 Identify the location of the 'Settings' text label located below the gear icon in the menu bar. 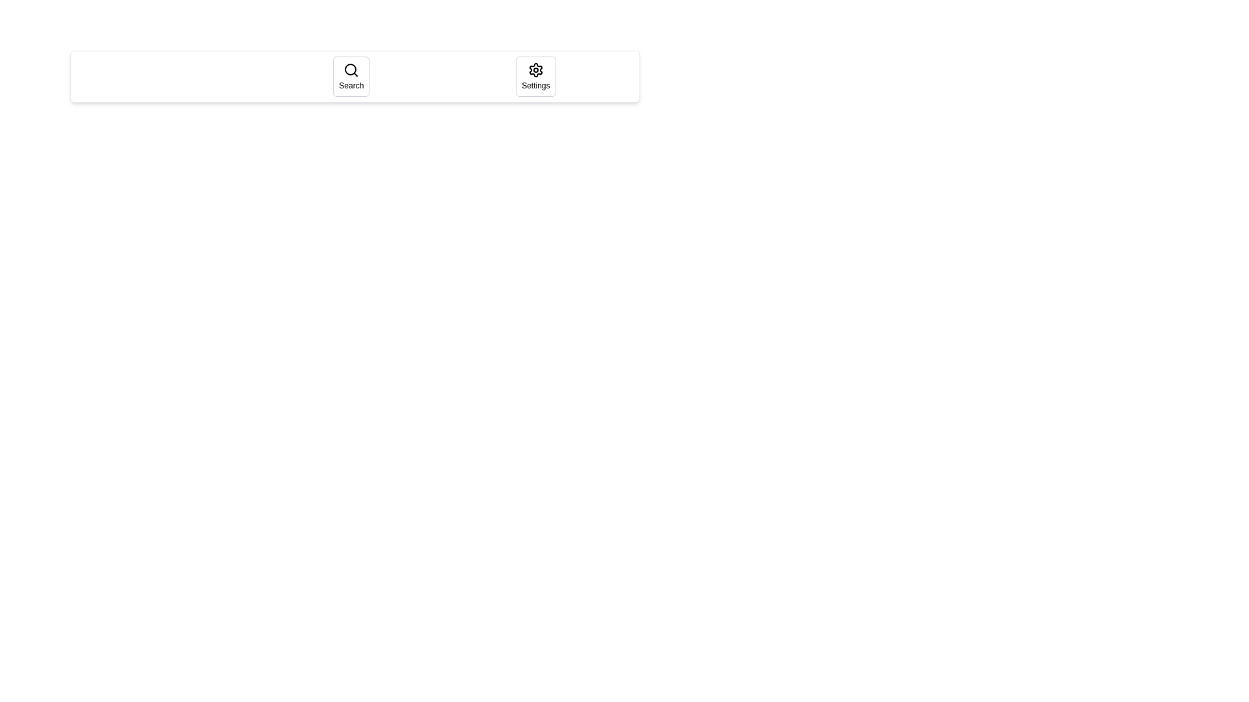
(535, 85).